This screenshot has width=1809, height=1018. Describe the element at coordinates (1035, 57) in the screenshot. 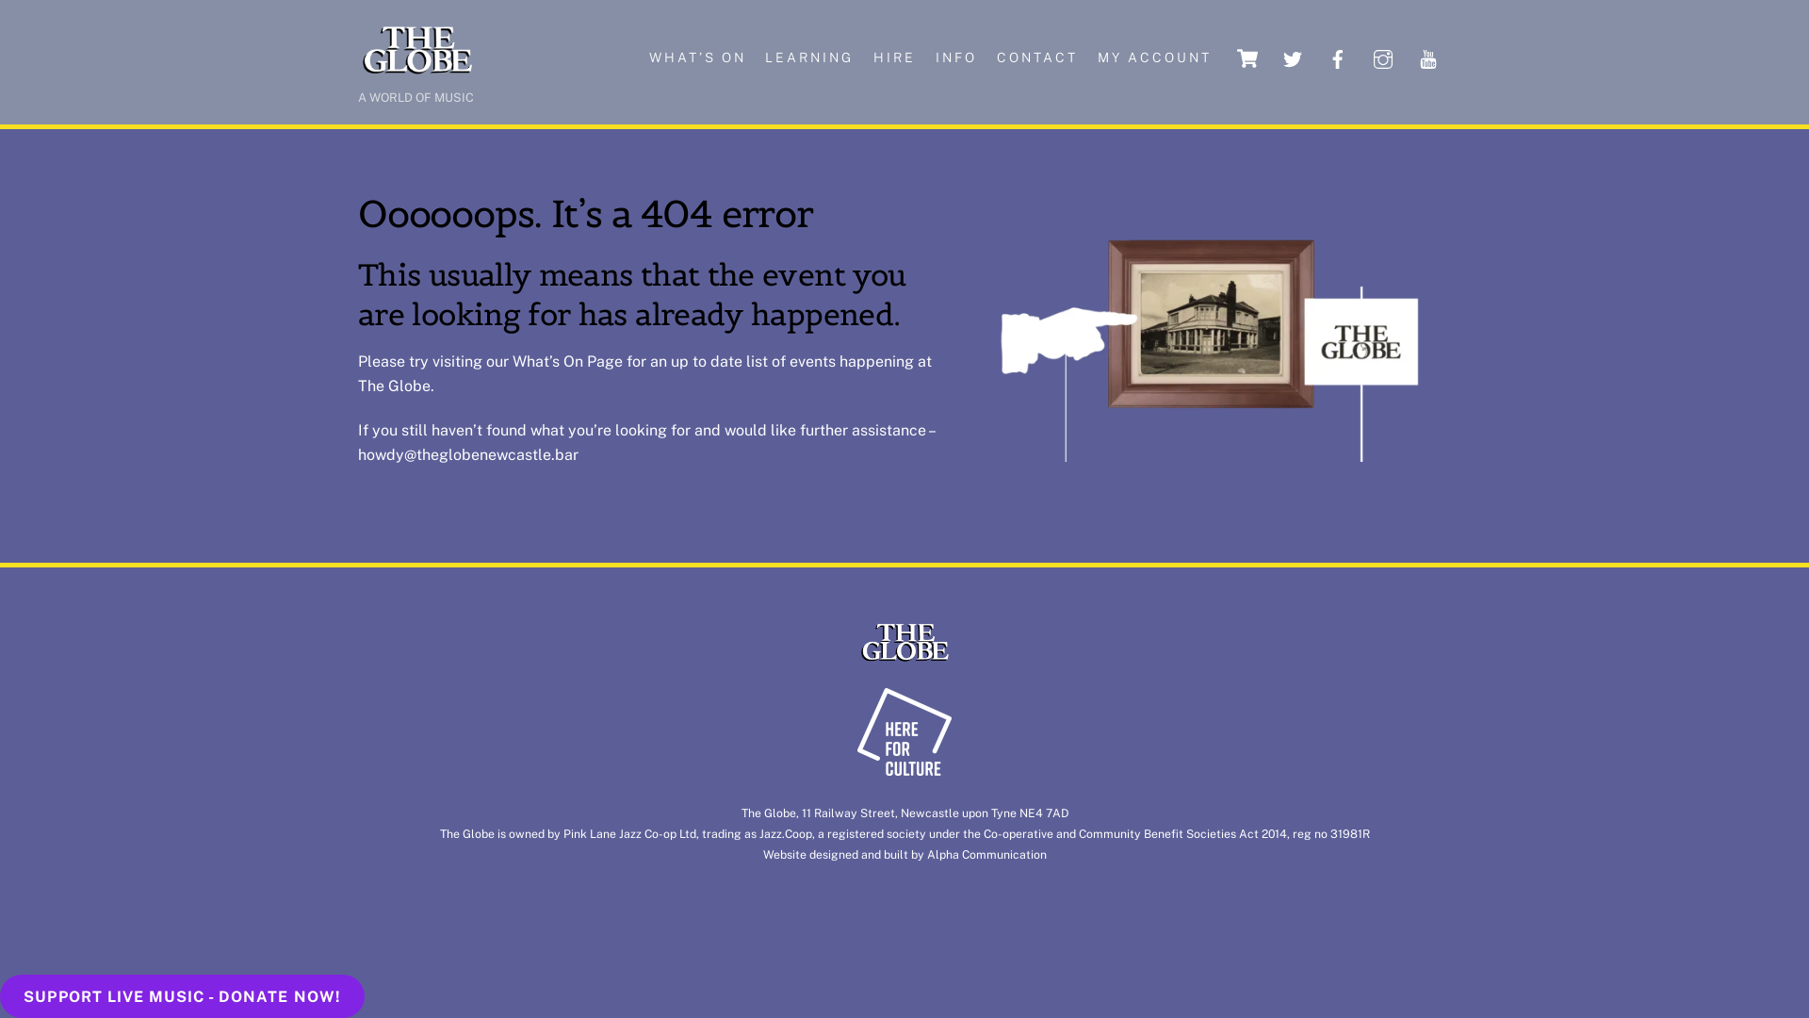

I see `'CONTACT'` at that location.